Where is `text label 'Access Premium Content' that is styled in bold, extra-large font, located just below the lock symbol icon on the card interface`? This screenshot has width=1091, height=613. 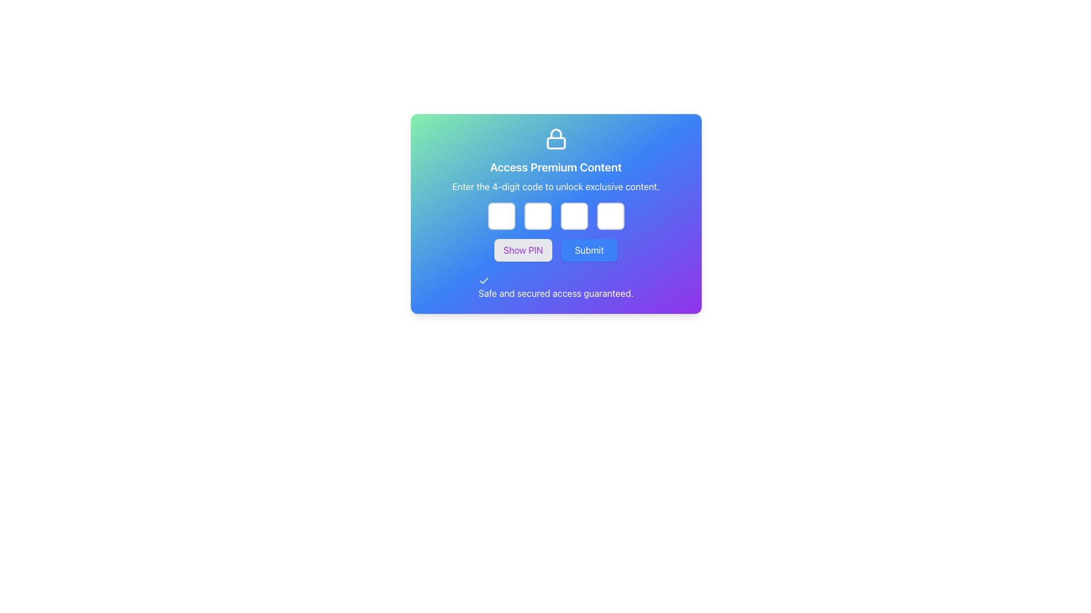 text label 'Access Premium Content' that is styled in bold, extra-large font, located just below the lock symbol icon on the card interface is located at coordinates (556, 167).